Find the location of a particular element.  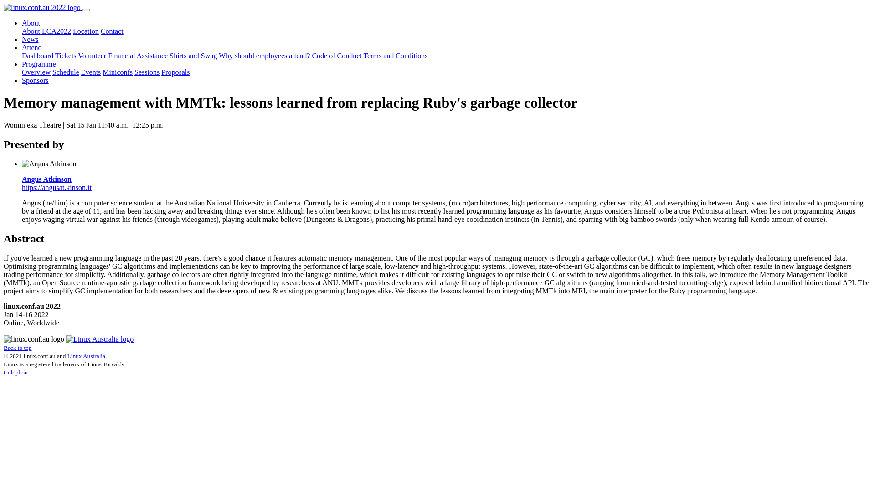

'Why should employees attend?' is located at coordinates (219, 56).